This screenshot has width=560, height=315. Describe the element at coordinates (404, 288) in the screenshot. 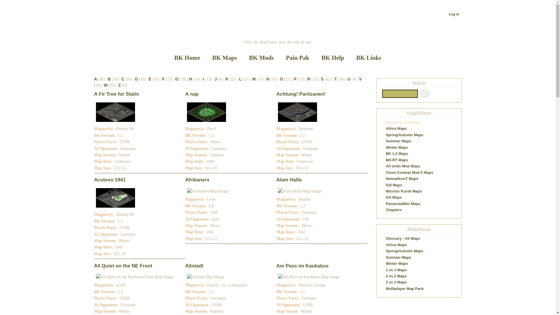

I see `'Multiplayer Map Pack'` at that location.